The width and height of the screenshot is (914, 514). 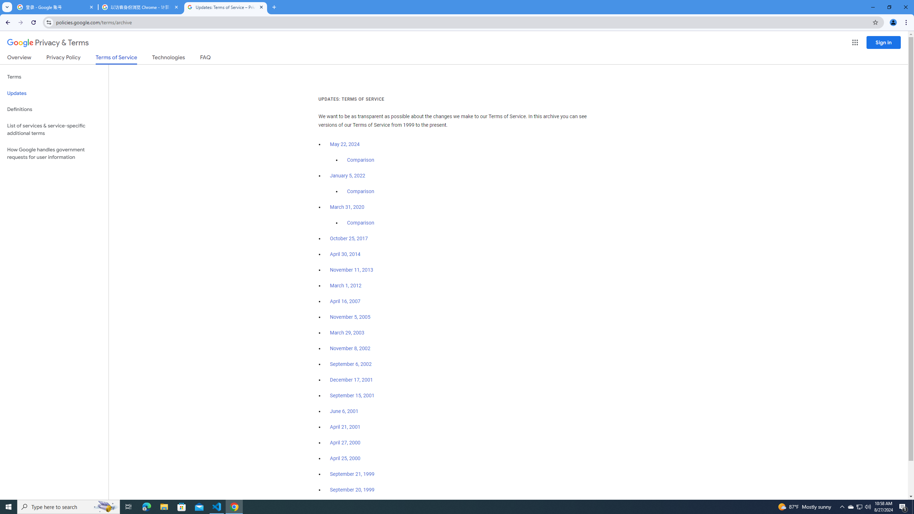 What do you see at coordinates (347, 207) in the screenshot?
I see `'March 31, 2020'` at bounding box center [347, 207].